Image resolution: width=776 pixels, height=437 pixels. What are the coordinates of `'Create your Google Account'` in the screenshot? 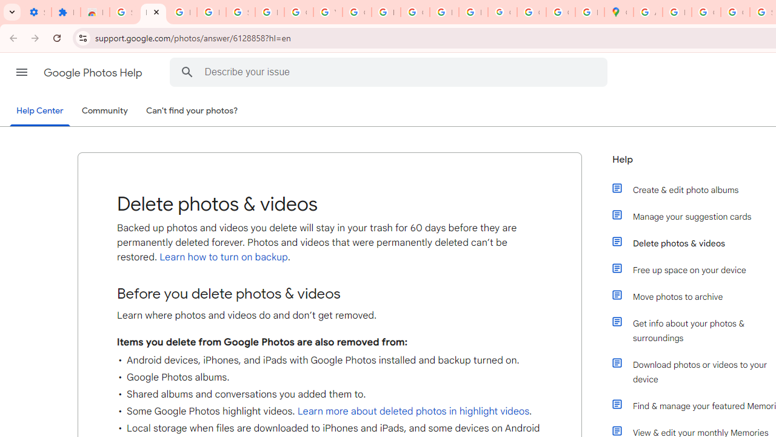 It's located at (706, 12).